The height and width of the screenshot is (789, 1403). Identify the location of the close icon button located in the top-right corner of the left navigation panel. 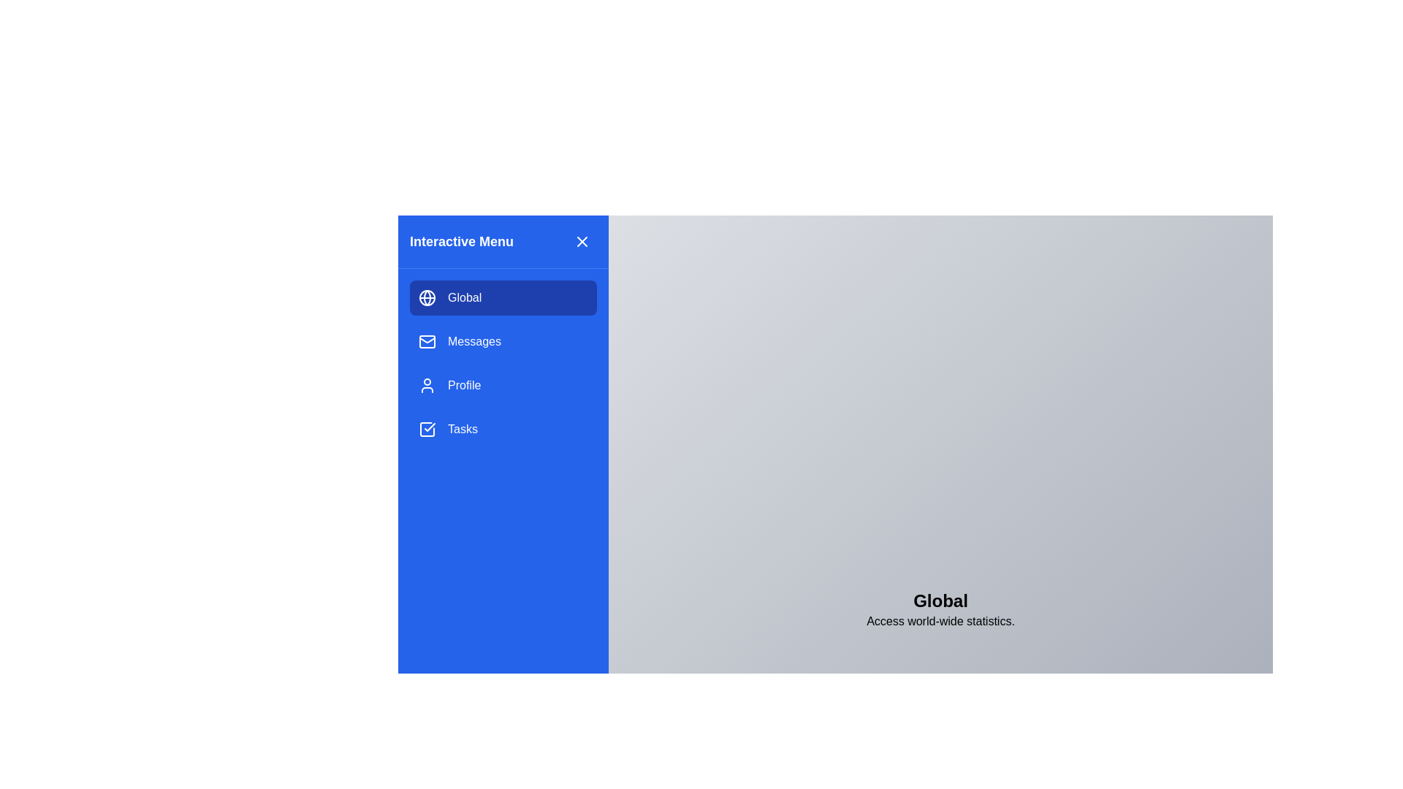
(581, 241).